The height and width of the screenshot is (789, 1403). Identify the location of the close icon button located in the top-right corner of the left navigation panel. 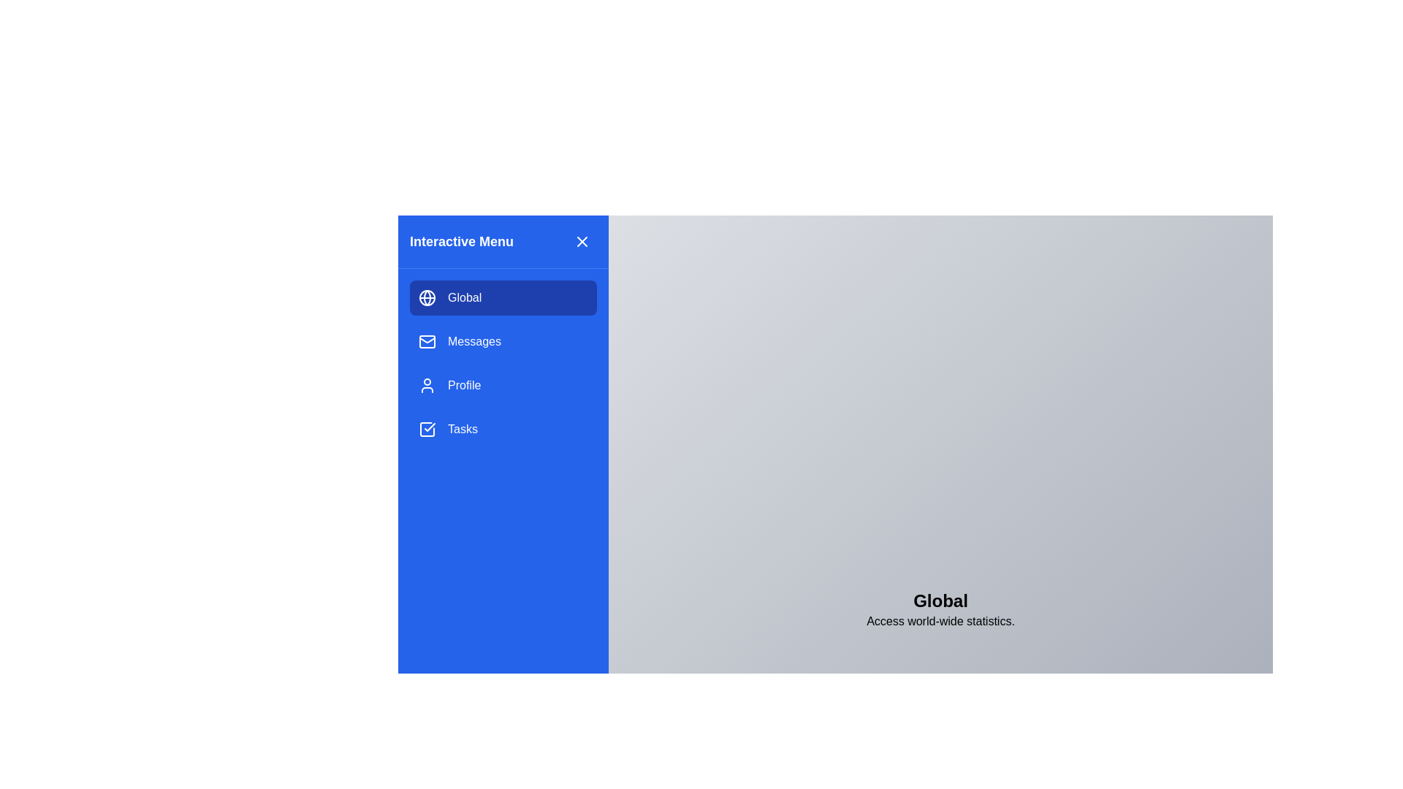
(581, 241).